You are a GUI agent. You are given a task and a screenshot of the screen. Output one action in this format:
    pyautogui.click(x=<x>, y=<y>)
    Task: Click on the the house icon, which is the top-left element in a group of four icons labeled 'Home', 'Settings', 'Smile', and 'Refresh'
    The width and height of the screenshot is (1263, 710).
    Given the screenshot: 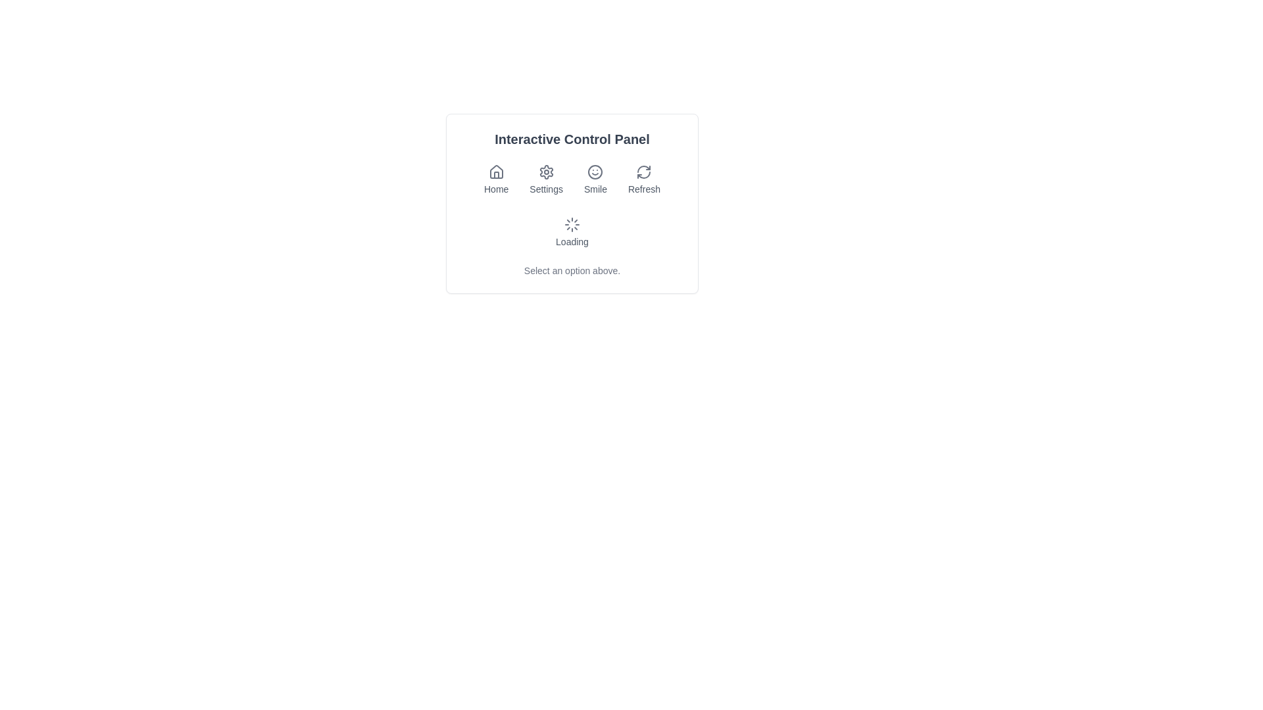 What is the action you would take?
    pyautogui.click(x=495, y=171)
    